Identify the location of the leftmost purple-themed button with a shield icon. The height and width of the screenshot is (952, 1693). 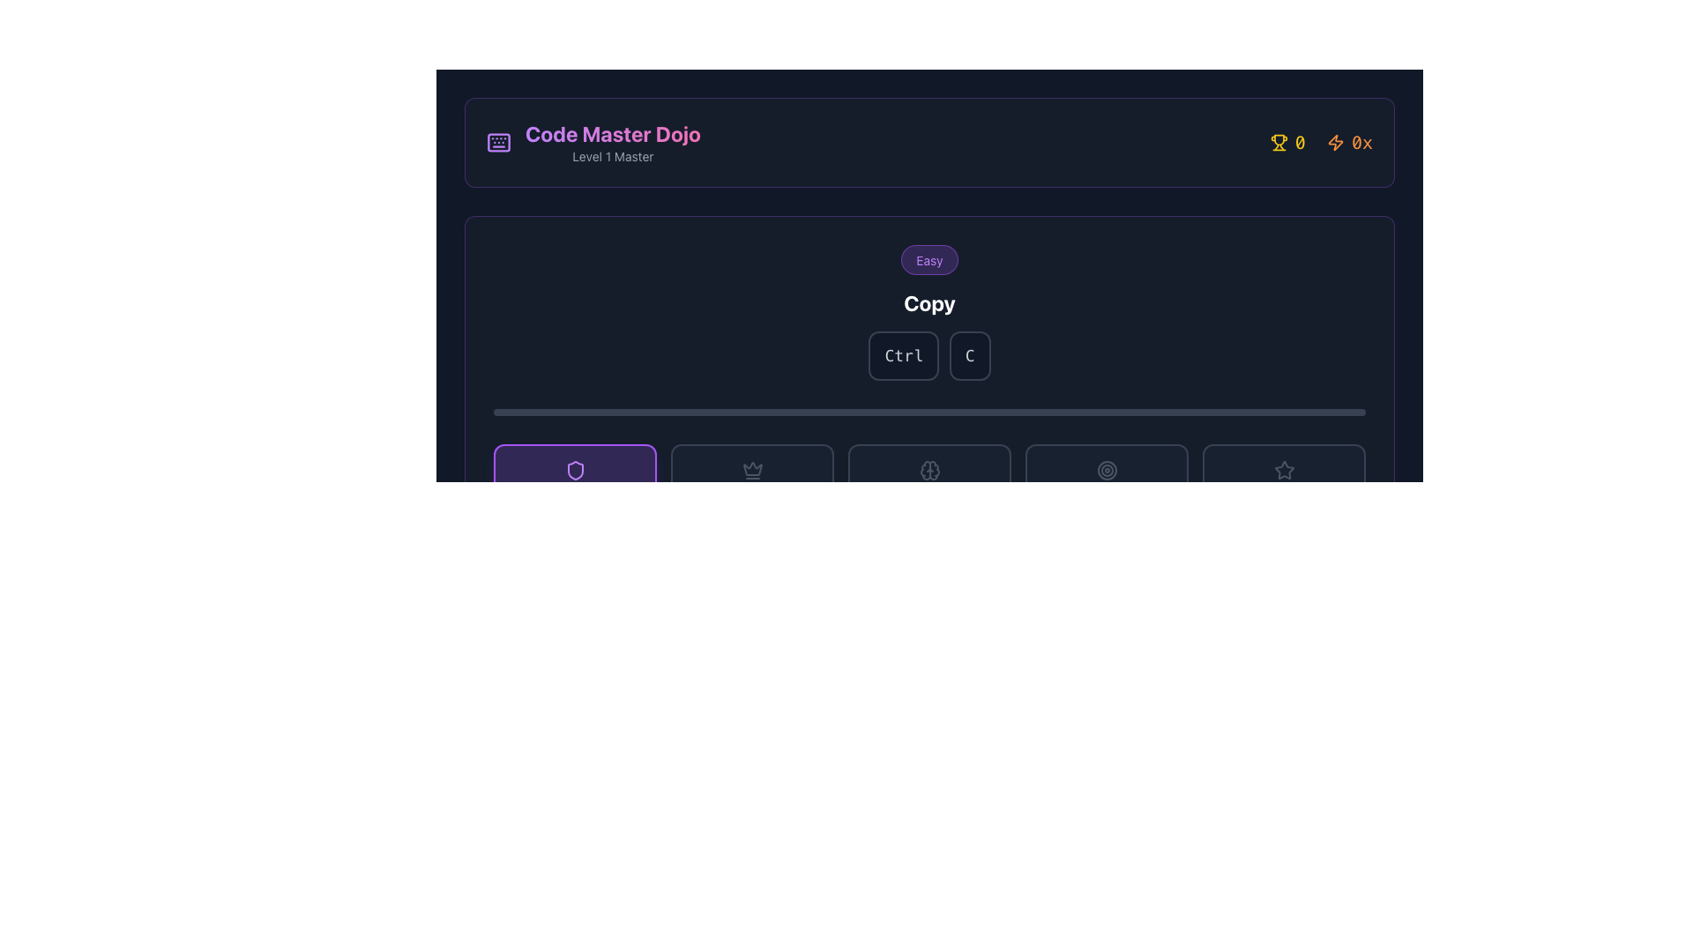
(575, 469).